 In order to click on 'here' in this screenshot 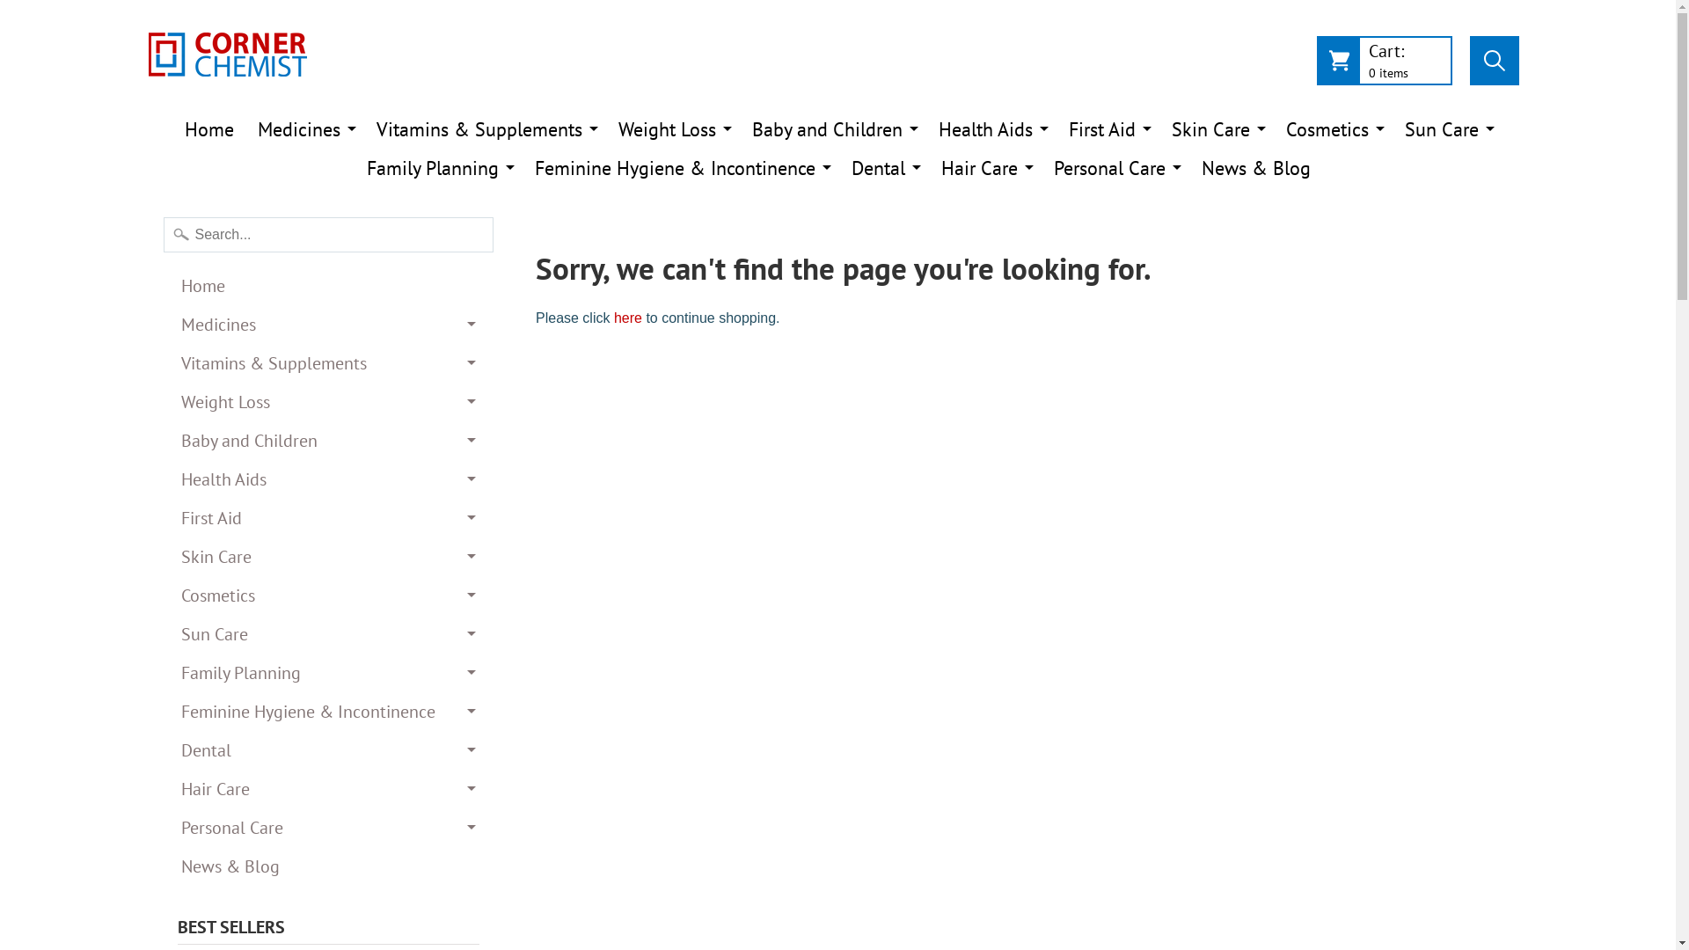, I will do `click(613, 318)`.